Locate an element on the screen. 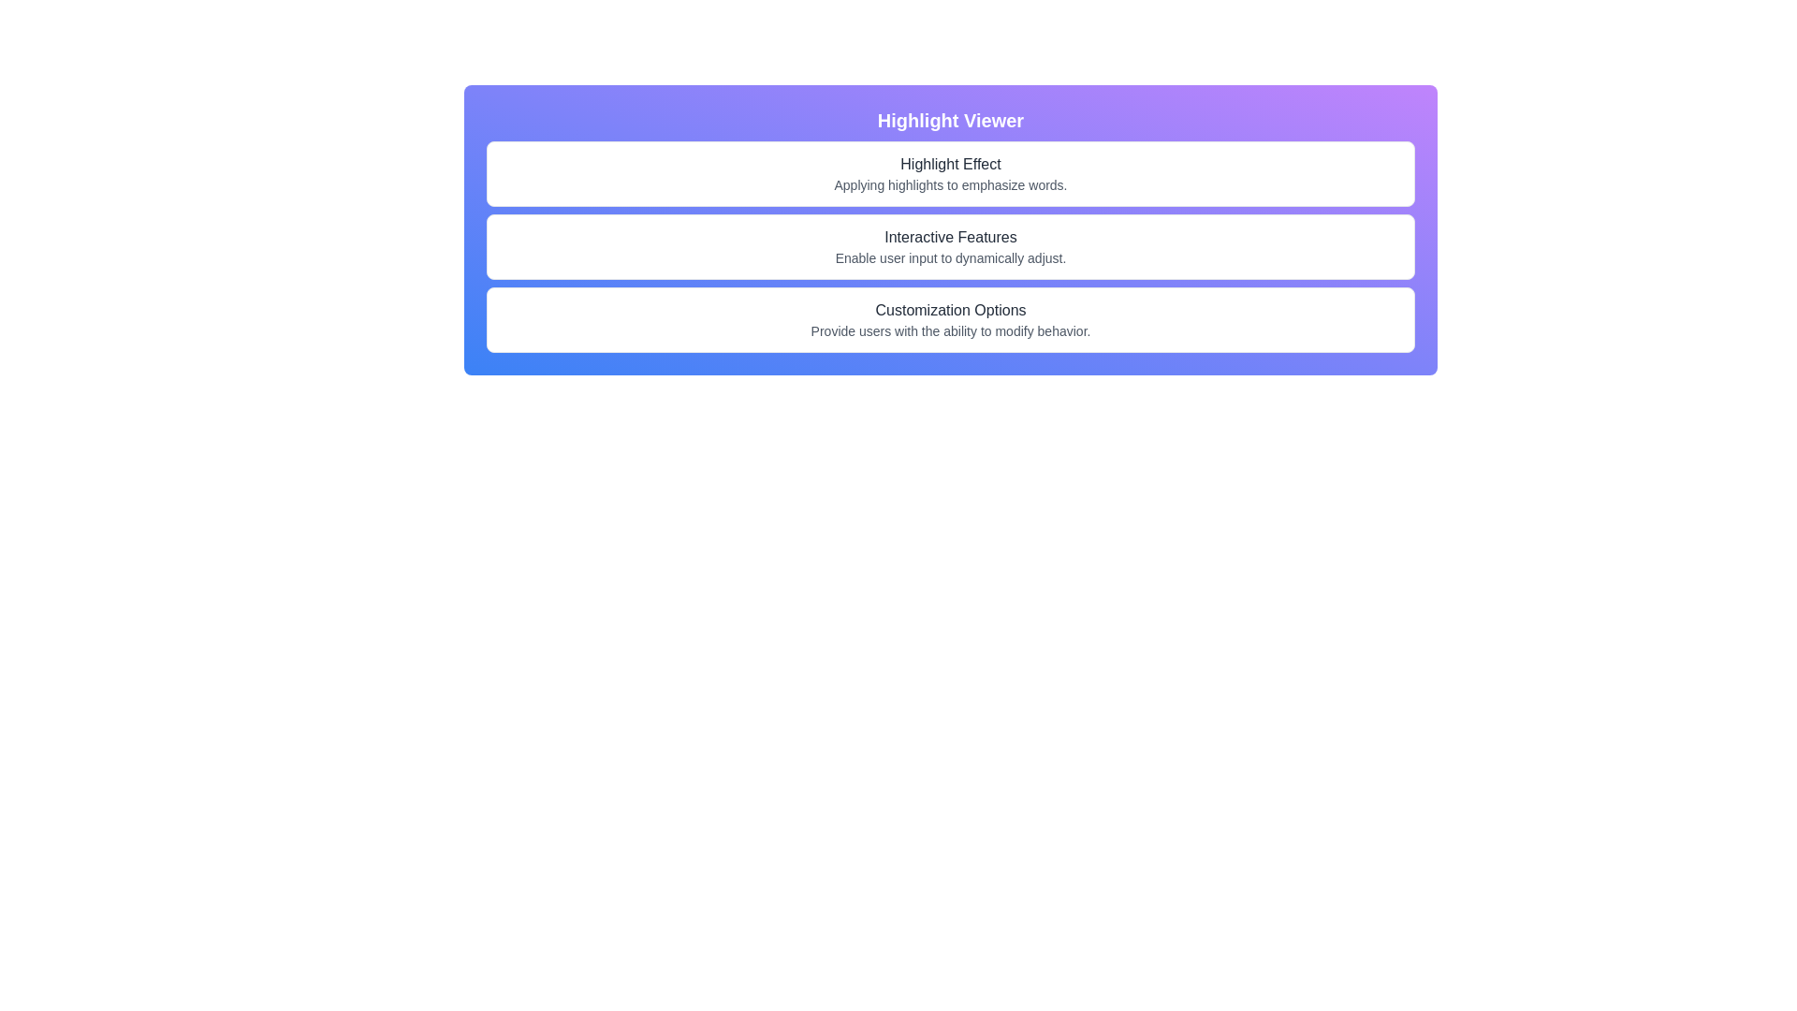 The image size is (1797, 1011). the letter 'H' in the phrase 'Highlight Effect' located in the header section of the interface is located at coordinates (906, 163).